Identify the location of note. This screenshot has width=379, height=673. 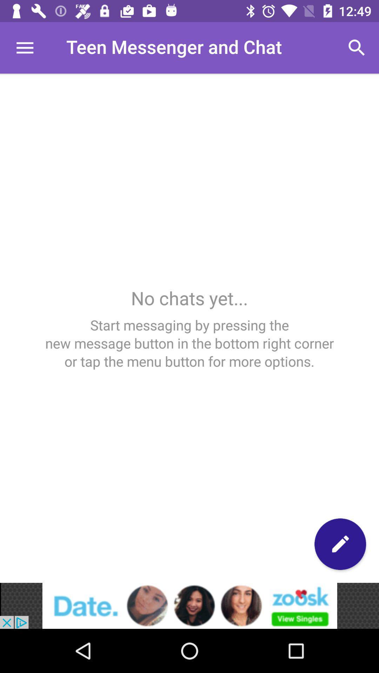
(340, 544).